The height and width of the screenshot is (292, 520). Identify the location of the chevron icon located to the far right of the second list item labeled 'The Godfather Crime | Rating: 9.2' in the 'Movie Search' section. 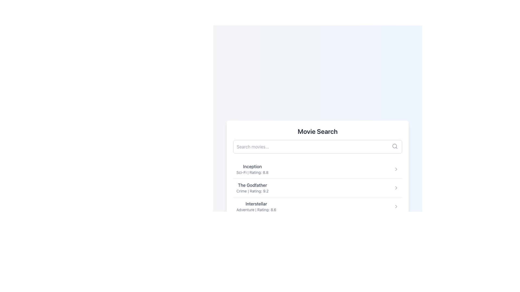
(396, 187).